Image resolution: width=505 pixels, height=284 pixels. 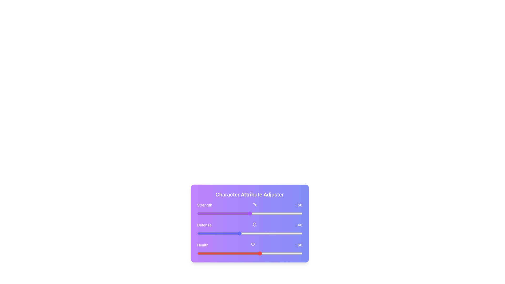 What do you see at coordinates (289, 253) in the screenshot?
I see `health` at bounding box center [289, 253].